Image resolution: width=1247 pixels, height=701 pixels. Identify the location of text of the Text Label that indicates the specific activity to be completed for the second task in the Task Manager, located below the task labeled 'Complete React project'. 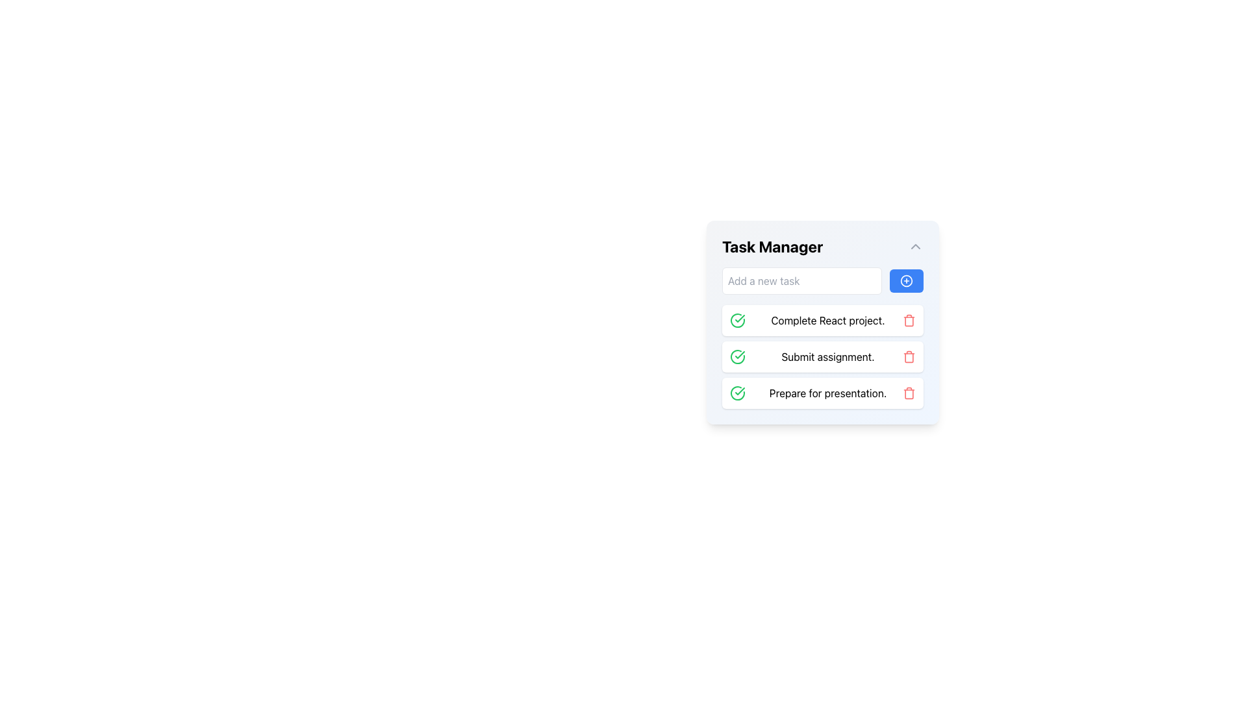
(827, 357).